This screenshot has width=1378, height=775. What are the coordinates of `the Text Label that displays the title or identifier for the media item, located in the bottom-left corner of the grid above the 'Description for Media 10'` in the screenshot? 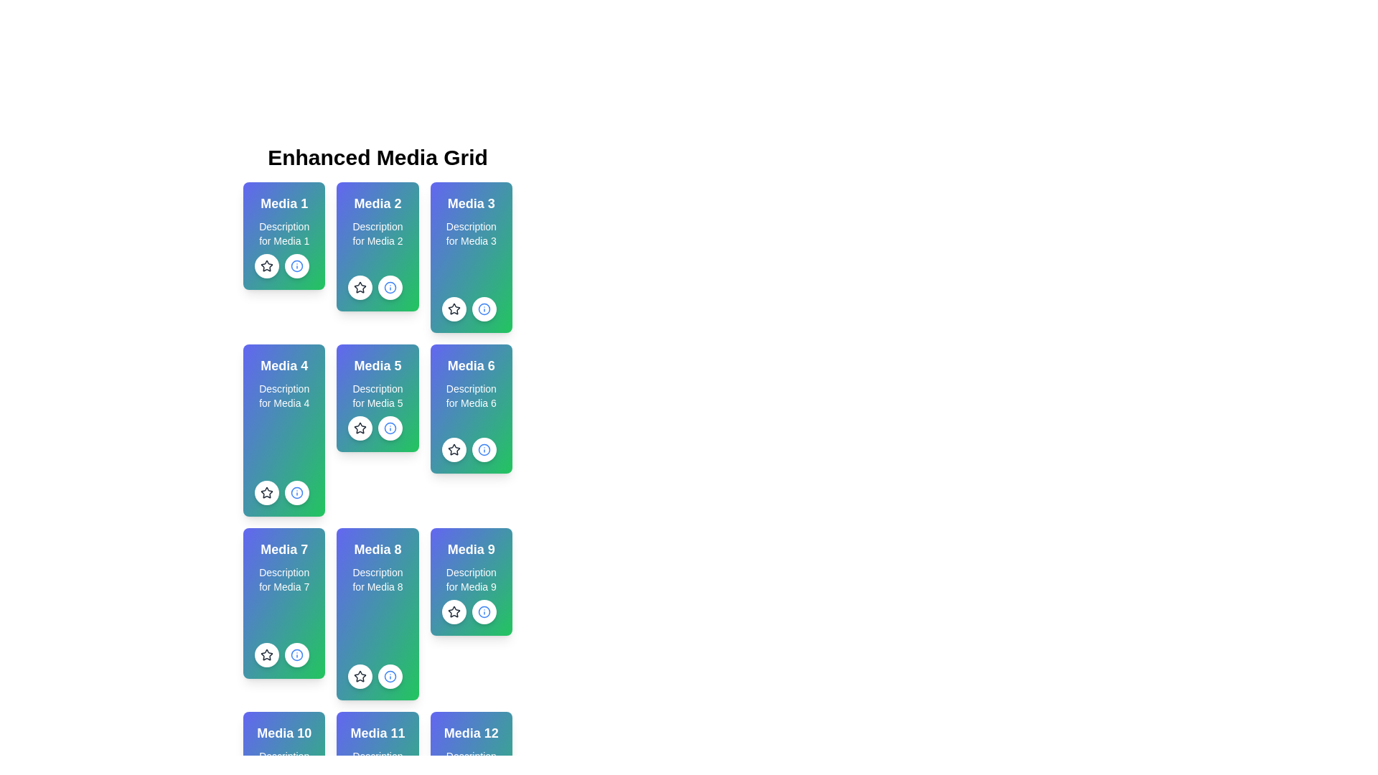 It's located at (284, 733).